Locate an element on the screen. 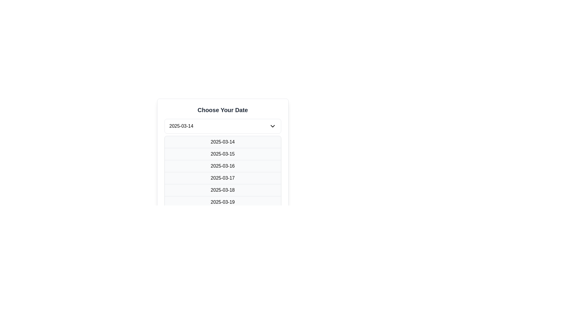  the list item displaying the date '2025-03-17' is located at coordinates (222, 178).